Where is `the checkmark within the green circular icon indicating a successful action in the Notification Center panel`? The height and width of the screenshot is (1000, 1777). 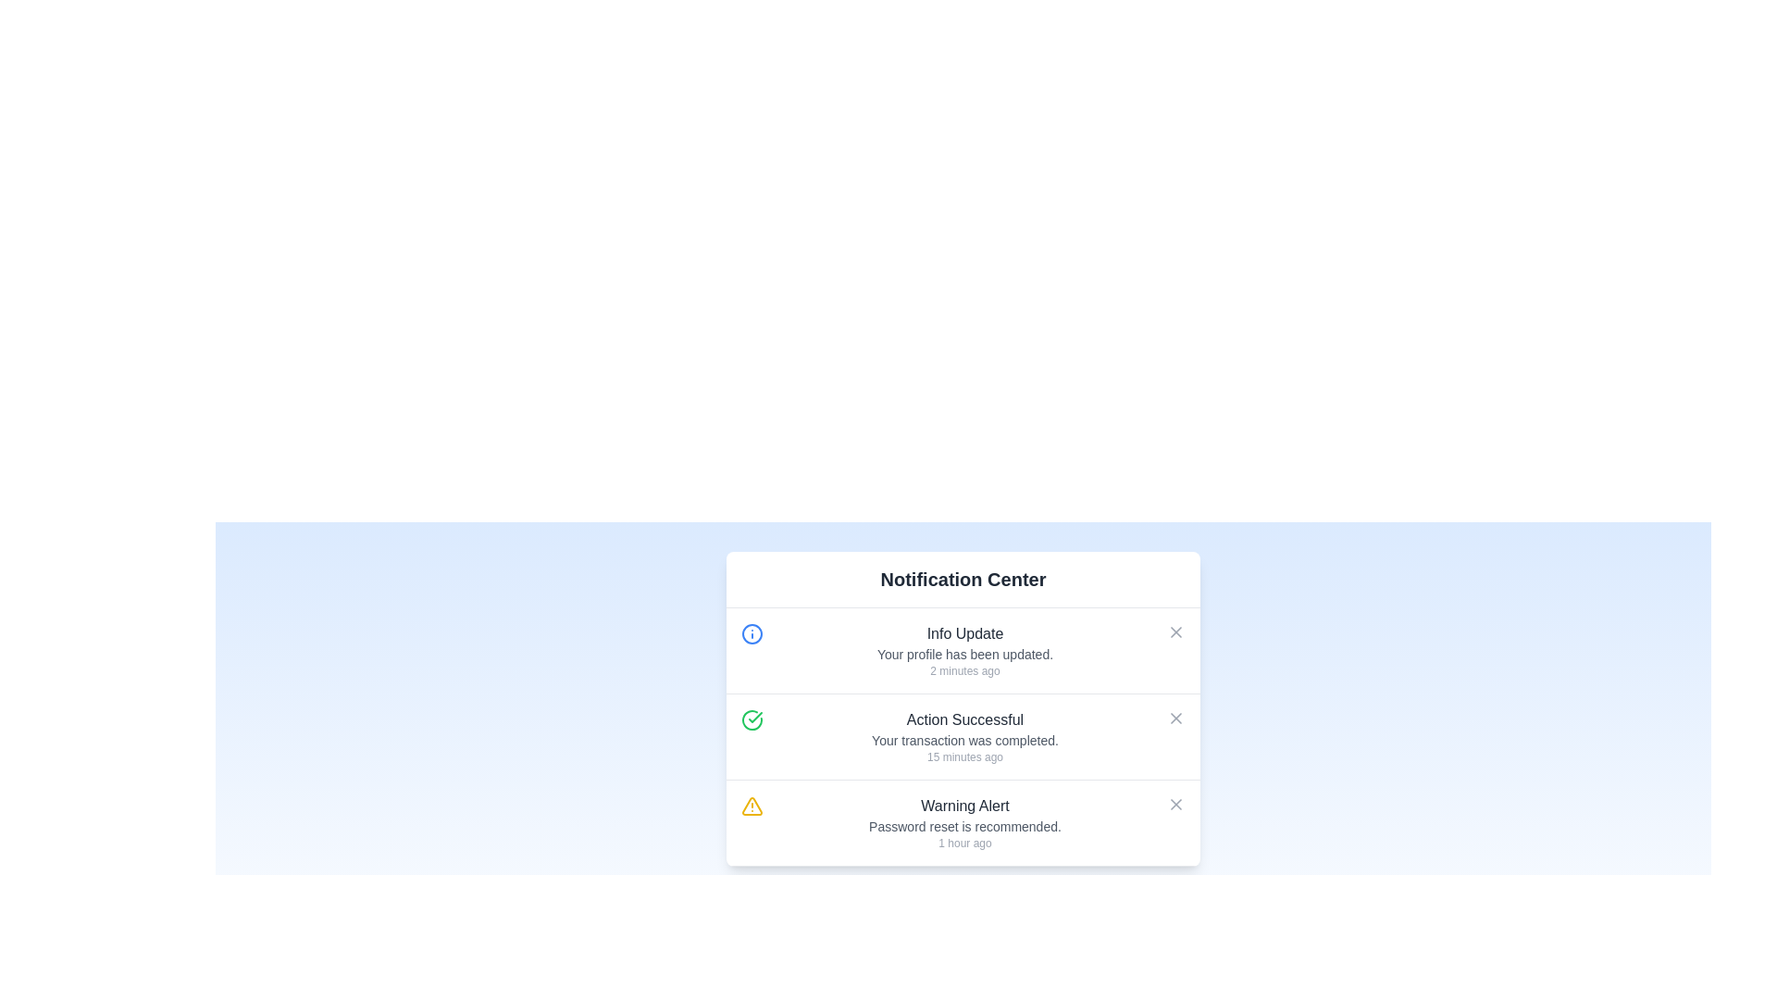
the checkmark within the green circular icon indicating a successful action in the Notification Center panel is located at coordinates (755, 717).